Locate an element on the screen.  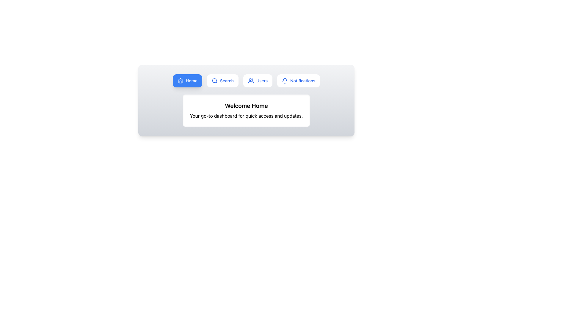
the user management button, which is the third button in a row of four, positioned between the 'Search' and 'Notifications' buttons is located at coordinates (258, 81).